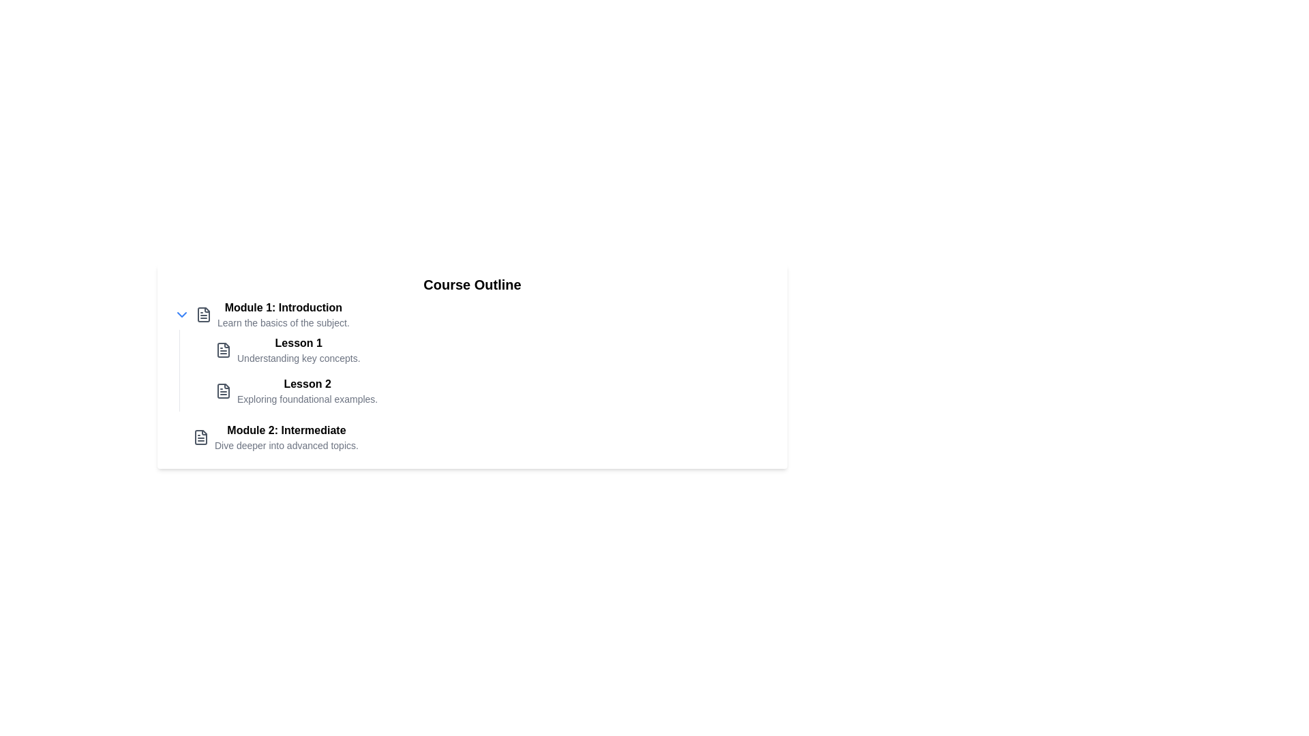  I want to click on text label 'Module 2: Intermediate' which is styled in bold and serves as a title for the module in the course outline interface, so click(286, 431).